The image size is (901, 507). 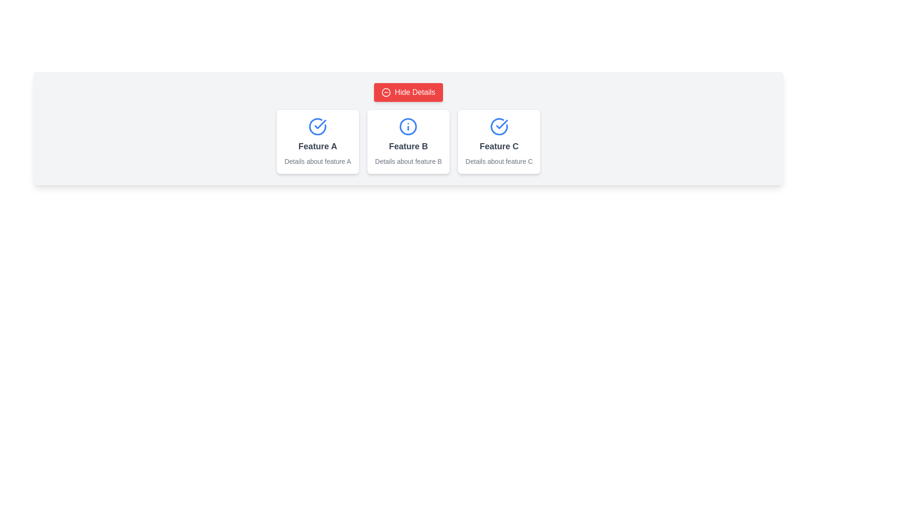 What do you see at coordinates (318, 146) in the screenshot?
I see `the text heading labeled 'Feature A' located in the middle of the first card from the left, above the descriptive text 'Details about feature A' and below a circular checkmark icon` at bounding box center [318, 146].